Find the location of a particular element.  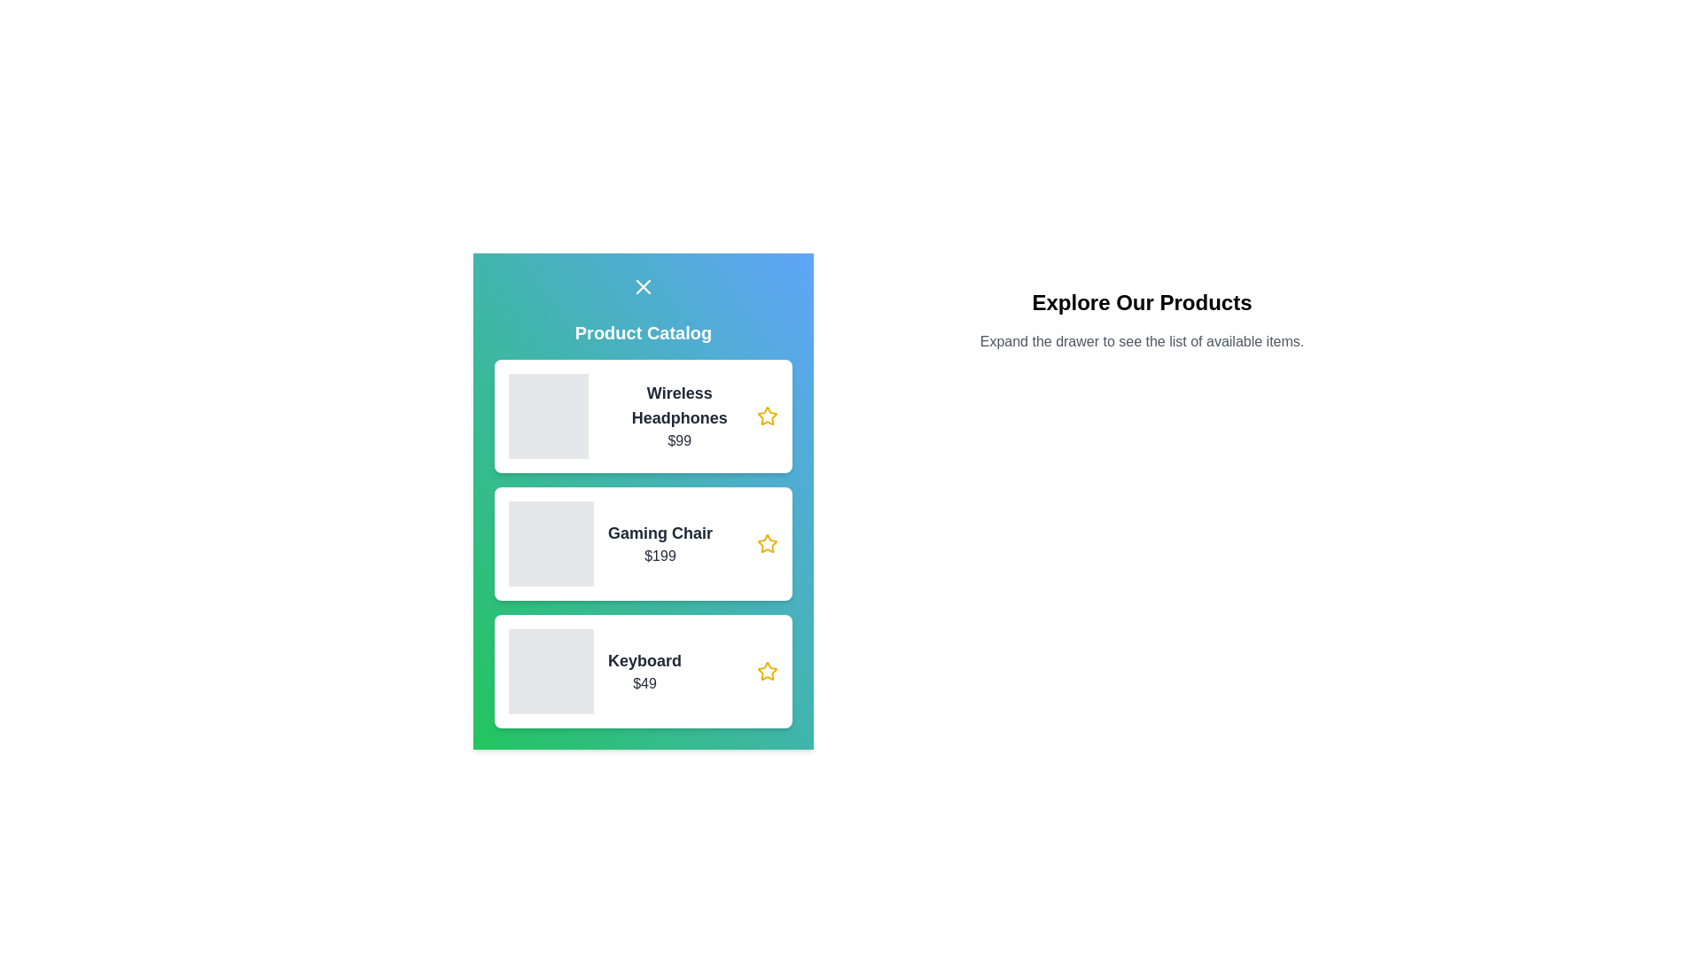

the container of the product named Wireless Headphones is located at coordinates (642, 416).